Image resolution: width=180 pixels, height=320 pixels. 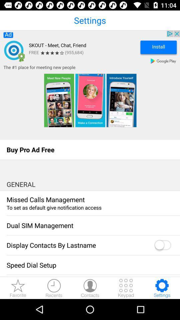 What do you see at coordinates (54, 288) in the screenshot?
I see `open recents` at bounding box center [54, 288].